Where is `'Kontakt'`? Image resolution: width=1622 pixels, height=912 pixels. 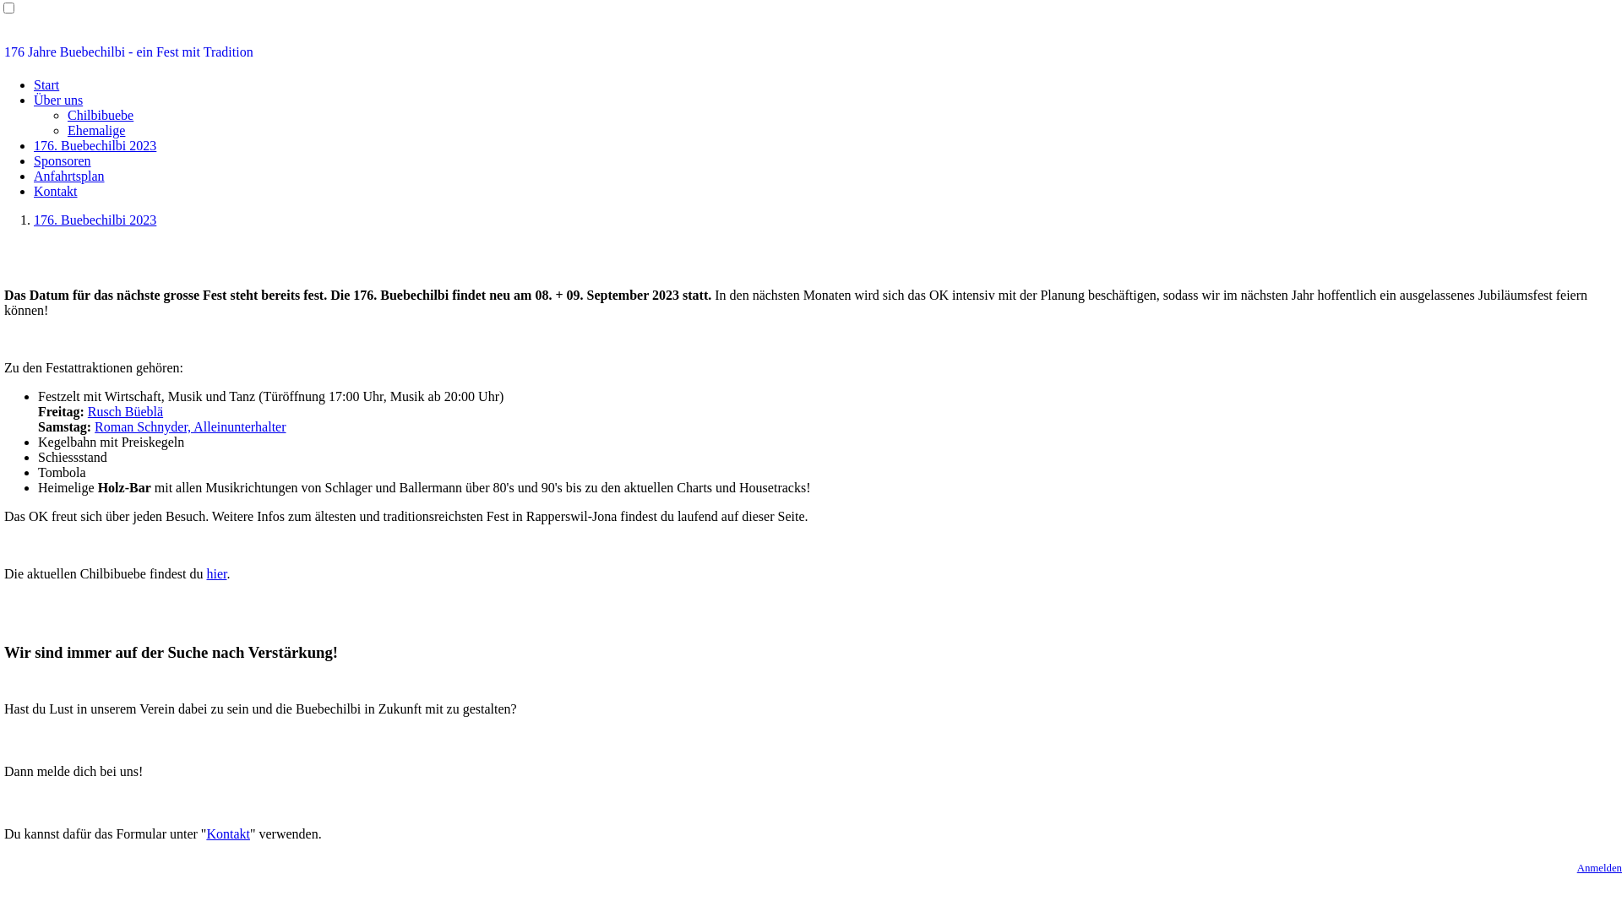 'Kontakt' is located at coordinates (226, 833).